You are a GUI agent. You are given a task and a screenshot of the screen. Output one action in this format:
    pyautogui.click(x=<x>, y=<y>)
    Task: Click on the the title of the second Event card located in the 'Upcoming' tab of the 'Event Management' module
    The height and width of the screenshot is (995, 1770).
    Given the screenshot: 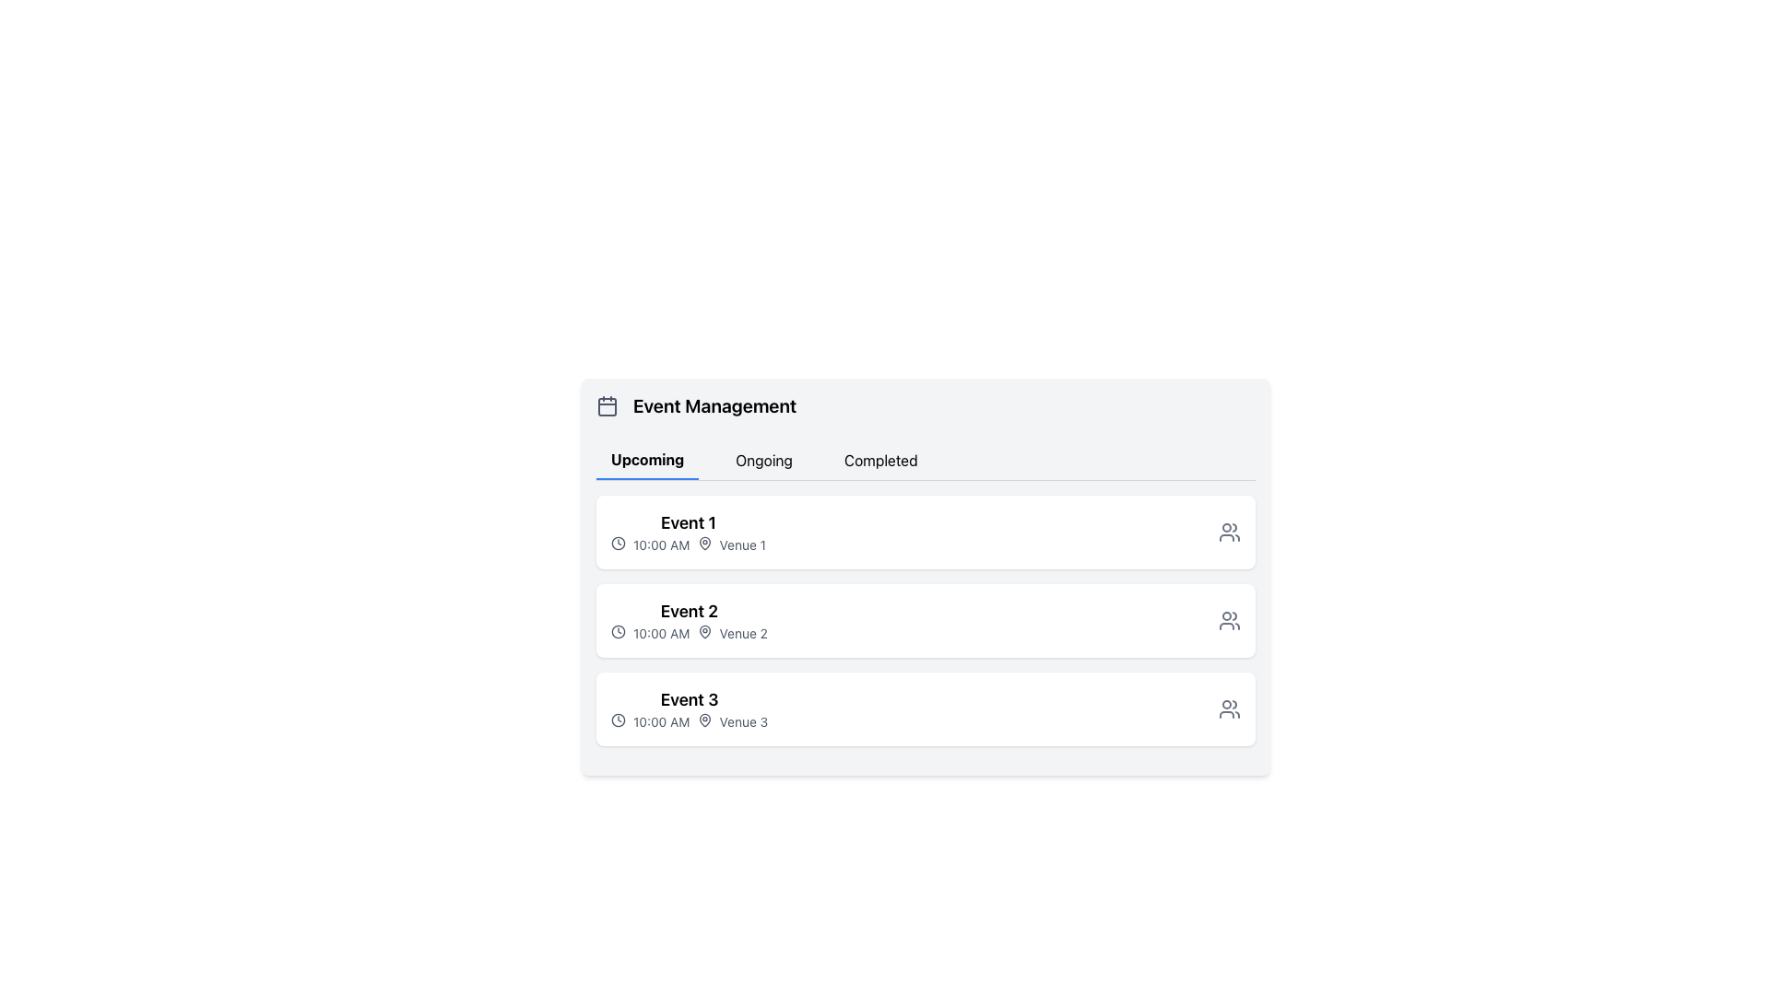 What is the action you would take?
    pyautogui.click(x=689, y=621)
    